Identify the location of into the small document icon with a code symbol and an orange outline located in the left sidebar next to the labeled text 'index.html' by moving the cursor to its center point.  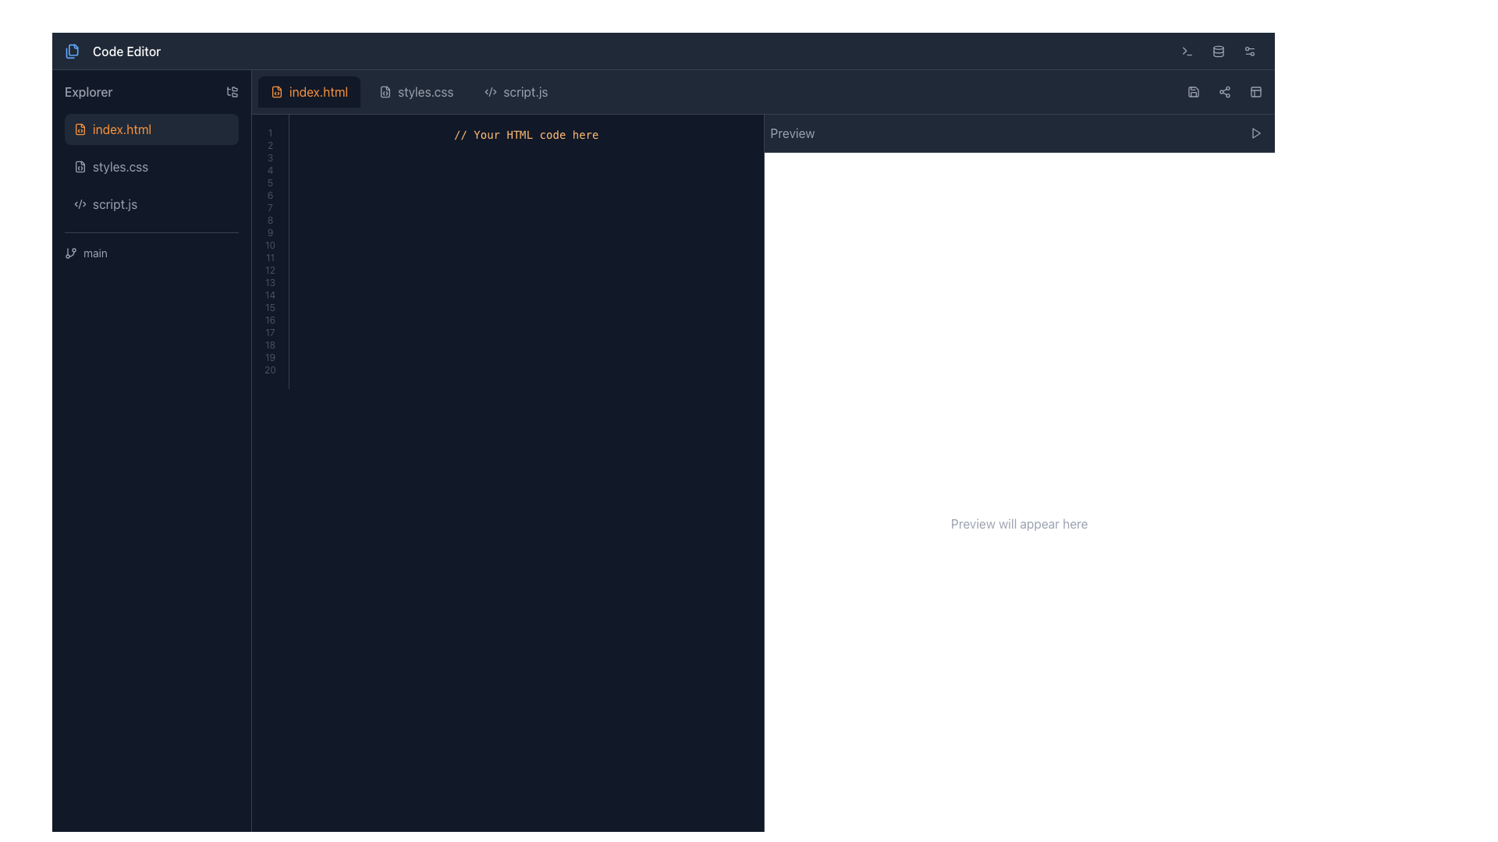
(79, 128).